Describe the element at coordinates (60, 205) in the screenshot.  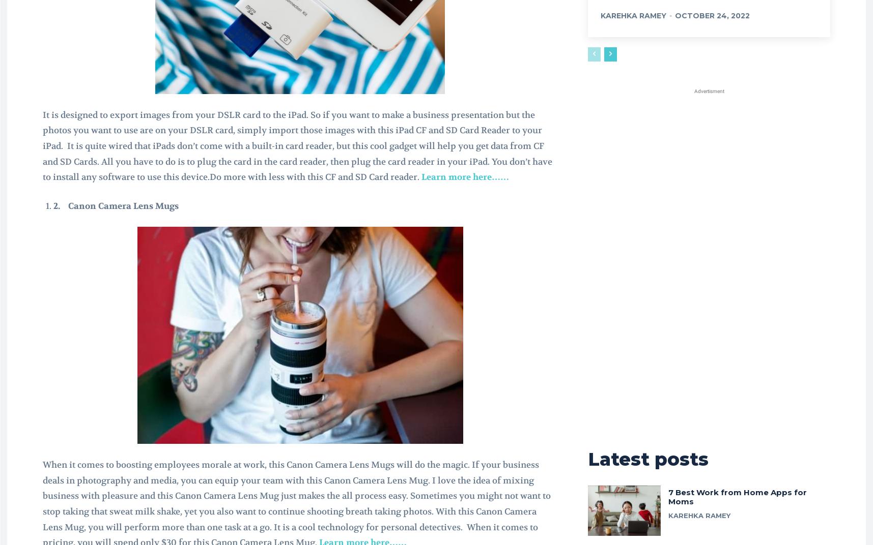
I see `'2.'` at that location.